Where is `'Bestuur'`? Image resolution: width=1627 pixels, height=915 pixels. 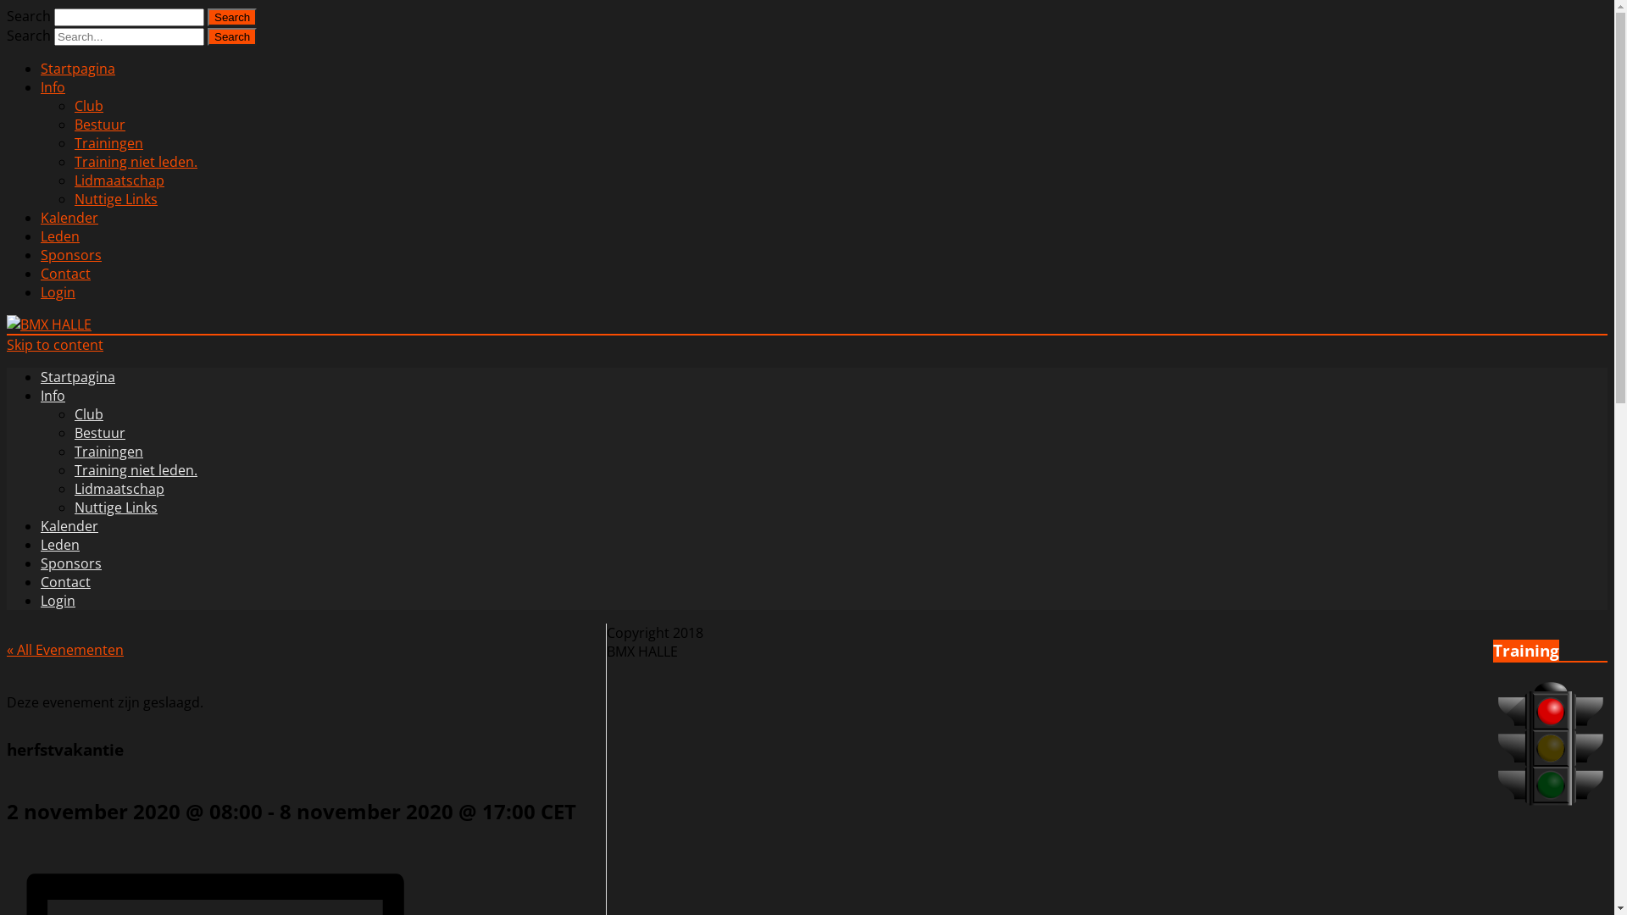
'Bestuur' is located at coordinates (99, 431).